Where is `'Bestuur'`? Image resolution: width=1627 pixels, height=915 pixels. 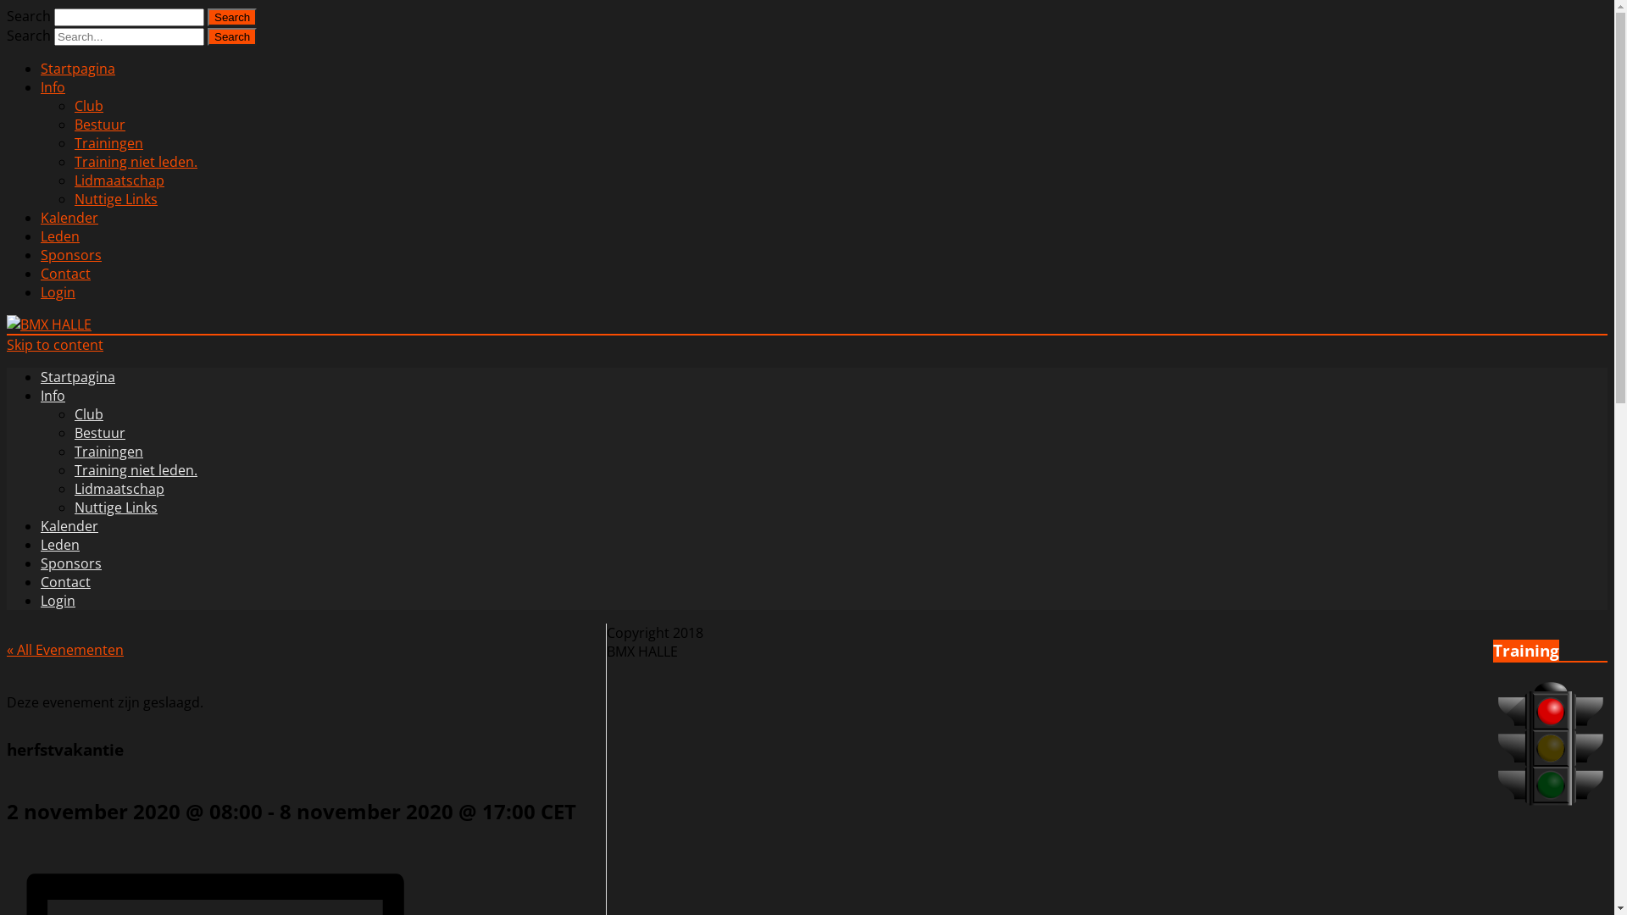
'Bestuur' is located at coordinates (99, 431).